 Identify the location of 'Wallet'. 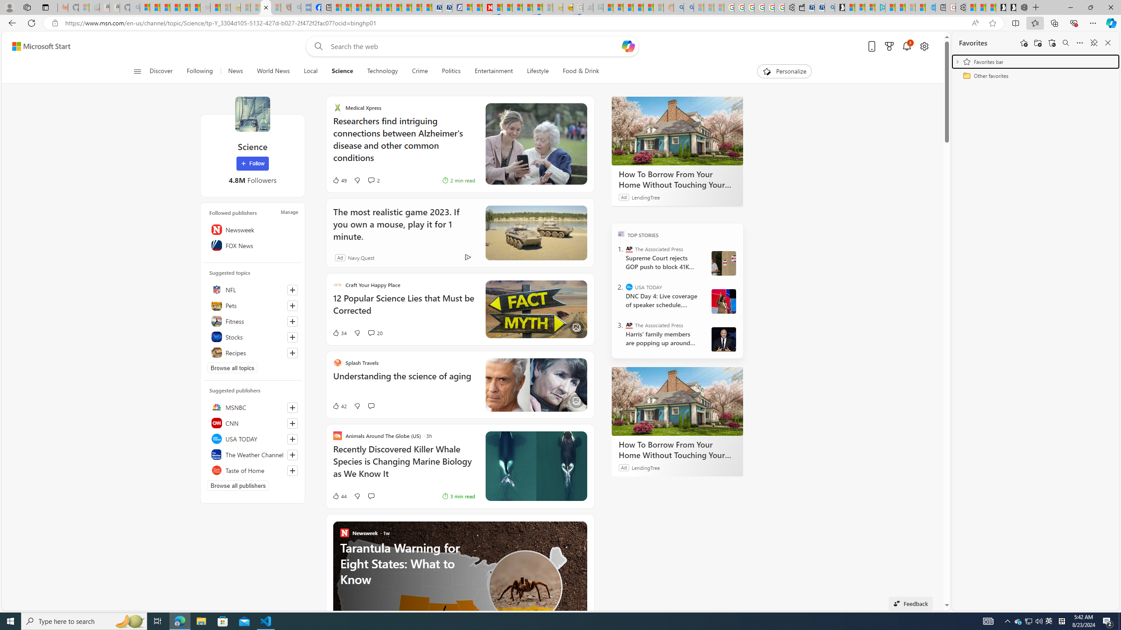
(799, 7).